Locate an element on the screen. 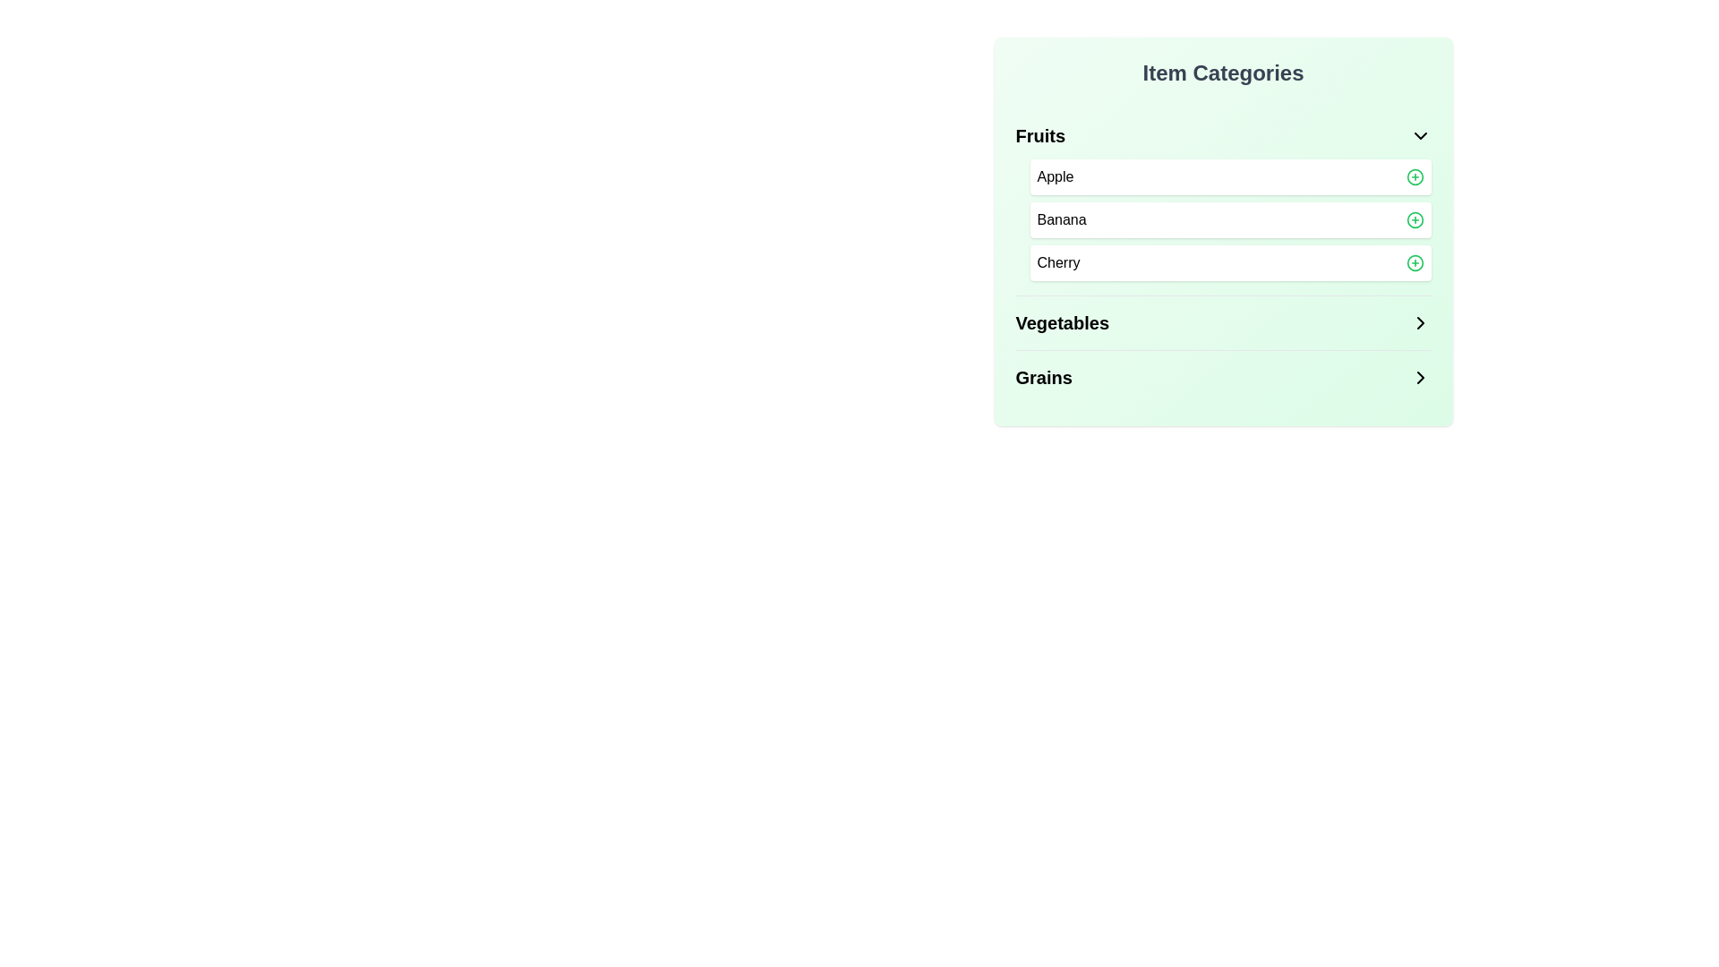 This screenshot has width=1719, height=967. the 'add' icon next to the item Cherry is located at coordinates (1414, 262).